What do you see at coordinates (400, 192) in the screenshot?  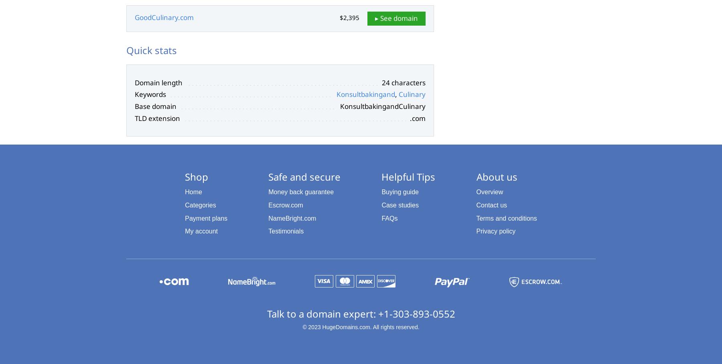 I see `'Buying guide'` at bounding box center [400, 192].